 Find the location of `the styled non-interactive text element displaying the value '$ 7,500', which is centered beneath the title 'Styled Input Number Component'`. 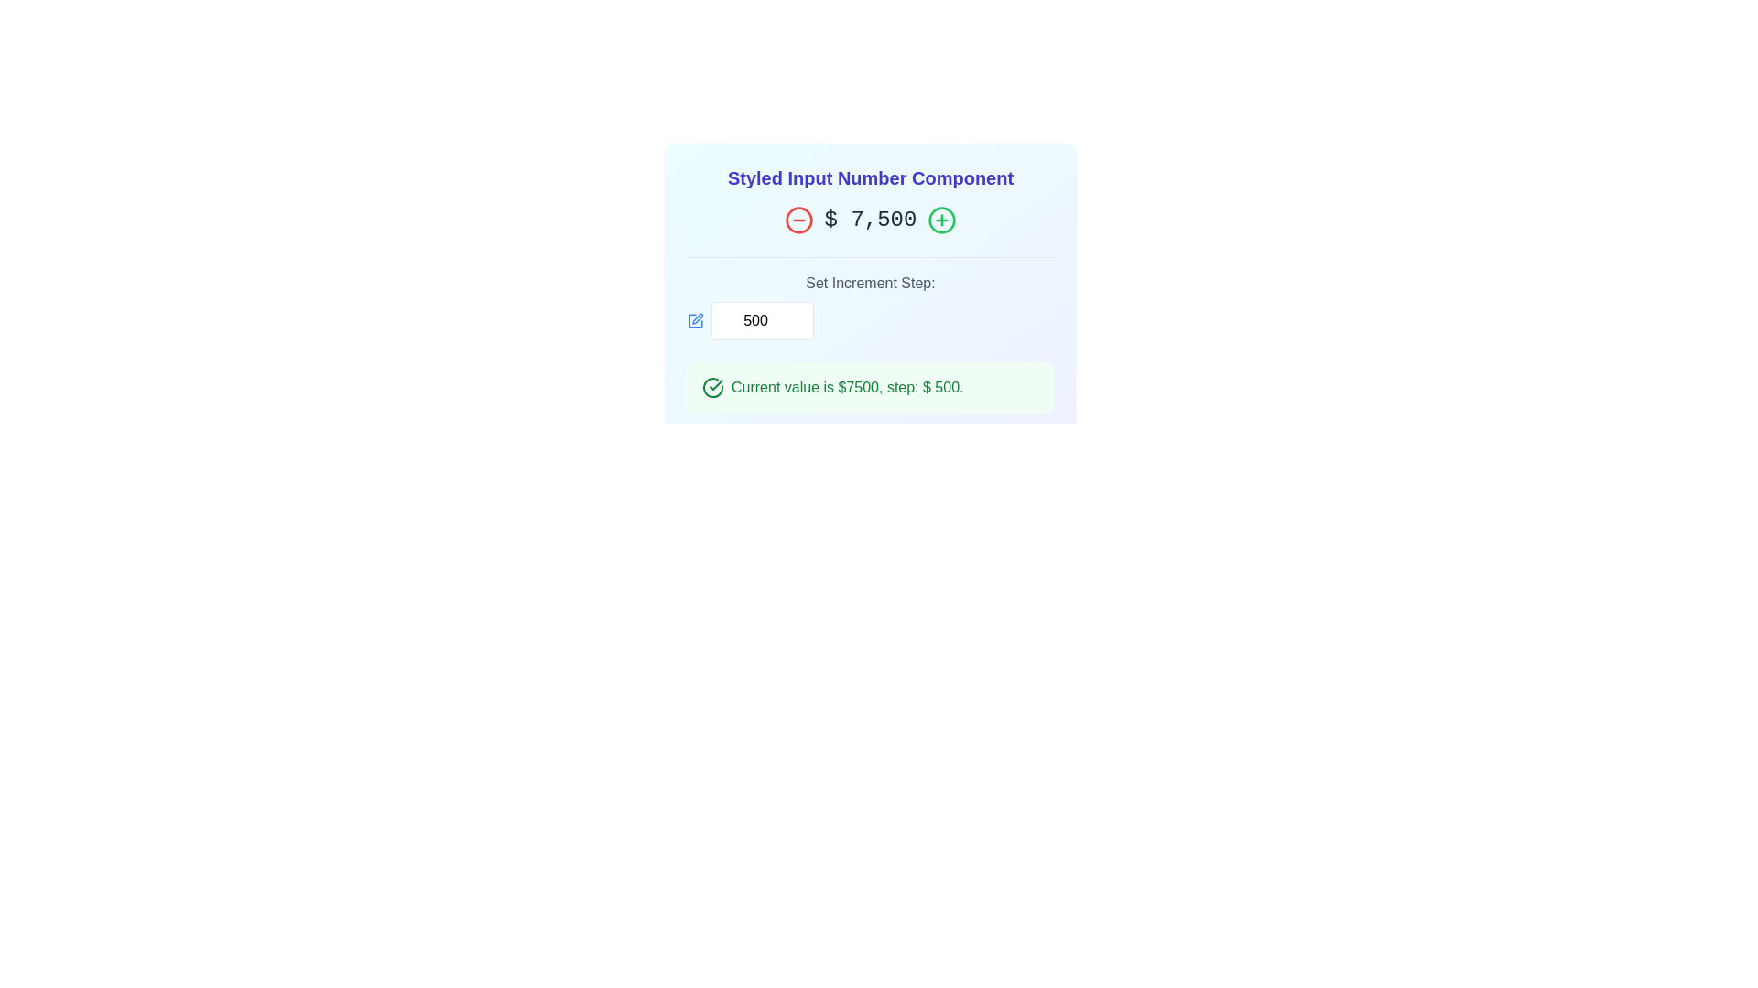

the styled non-interactive text element displaying the value '$ 7,500', which is centered beneath the title 'Styled Input Number Component' is located at coordinates (869, 219).